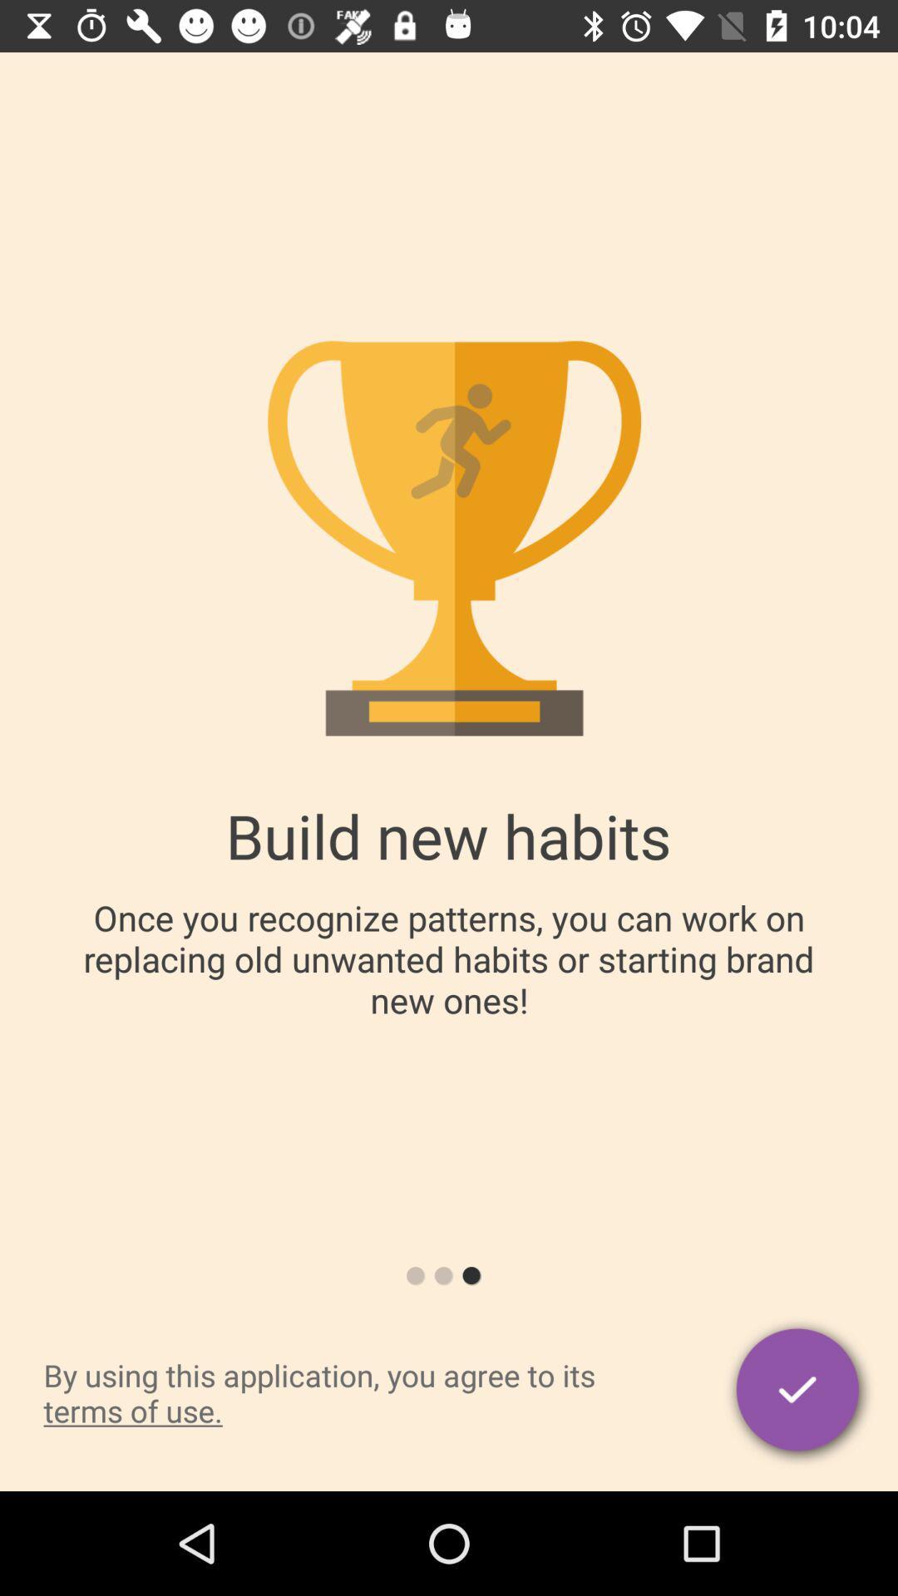 The height and width of the screenshot is (1596, 898). I want to click on the item next to by using this, so click(798, 1392).